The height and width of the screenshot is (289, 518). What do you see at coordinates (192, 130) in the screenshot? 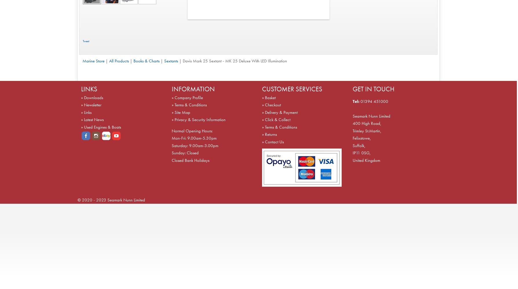
I see `'Normal Opening Hours:'` at bounding box center [192, 130].